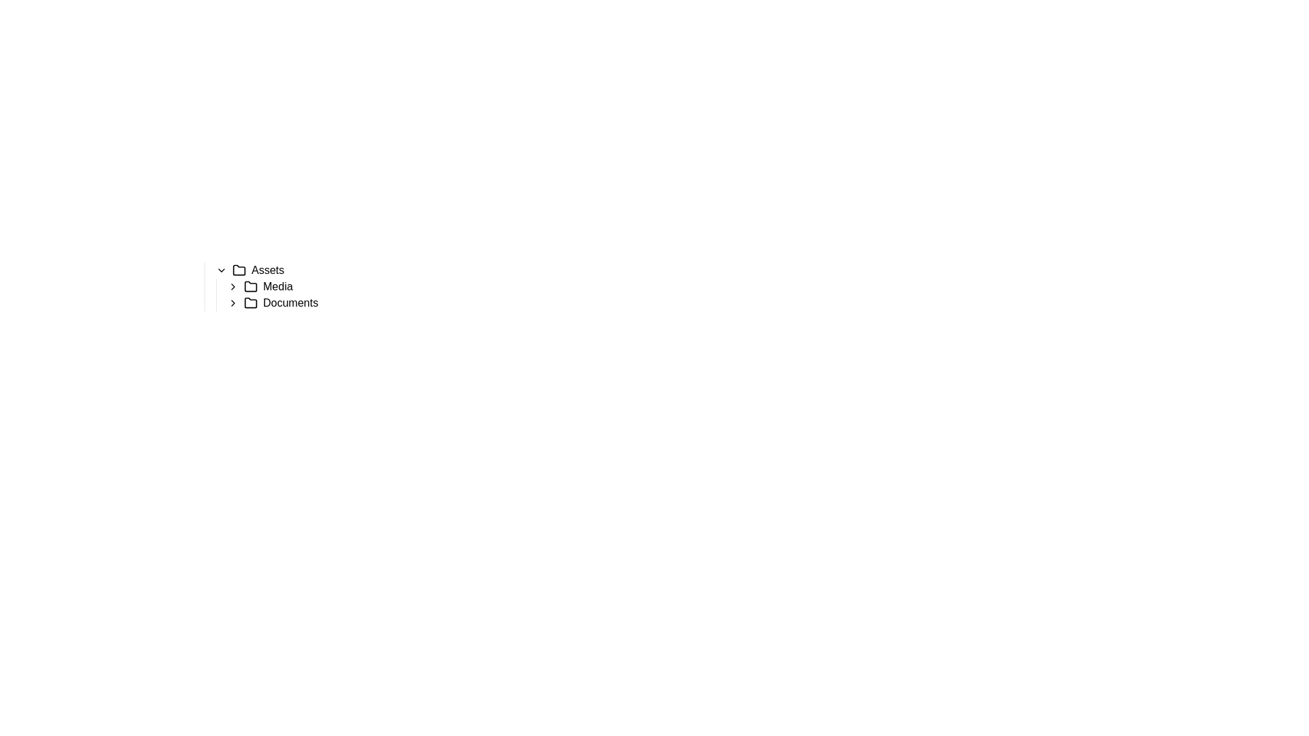 This screenshot has width=1309, height=736. Describe the element at coordinates (232, 286) in the screenshot. I see `the rightward chevron-shaped icon next to the 'Media' label` at that location.